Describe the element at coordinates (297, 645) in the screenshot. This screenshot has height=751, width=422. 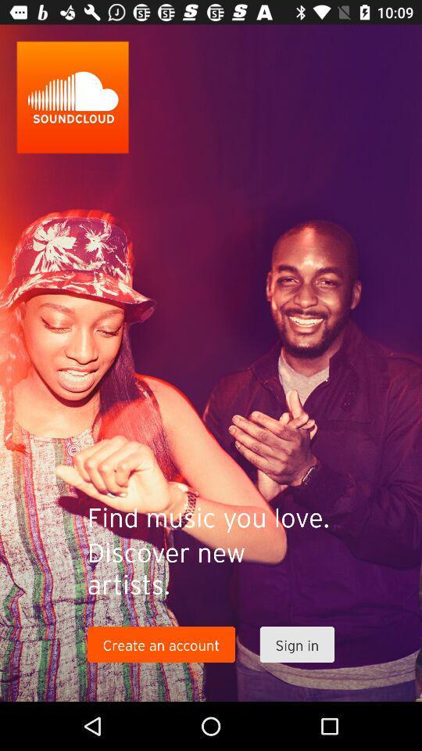
I see `the item to the right of the create an account` at that location.